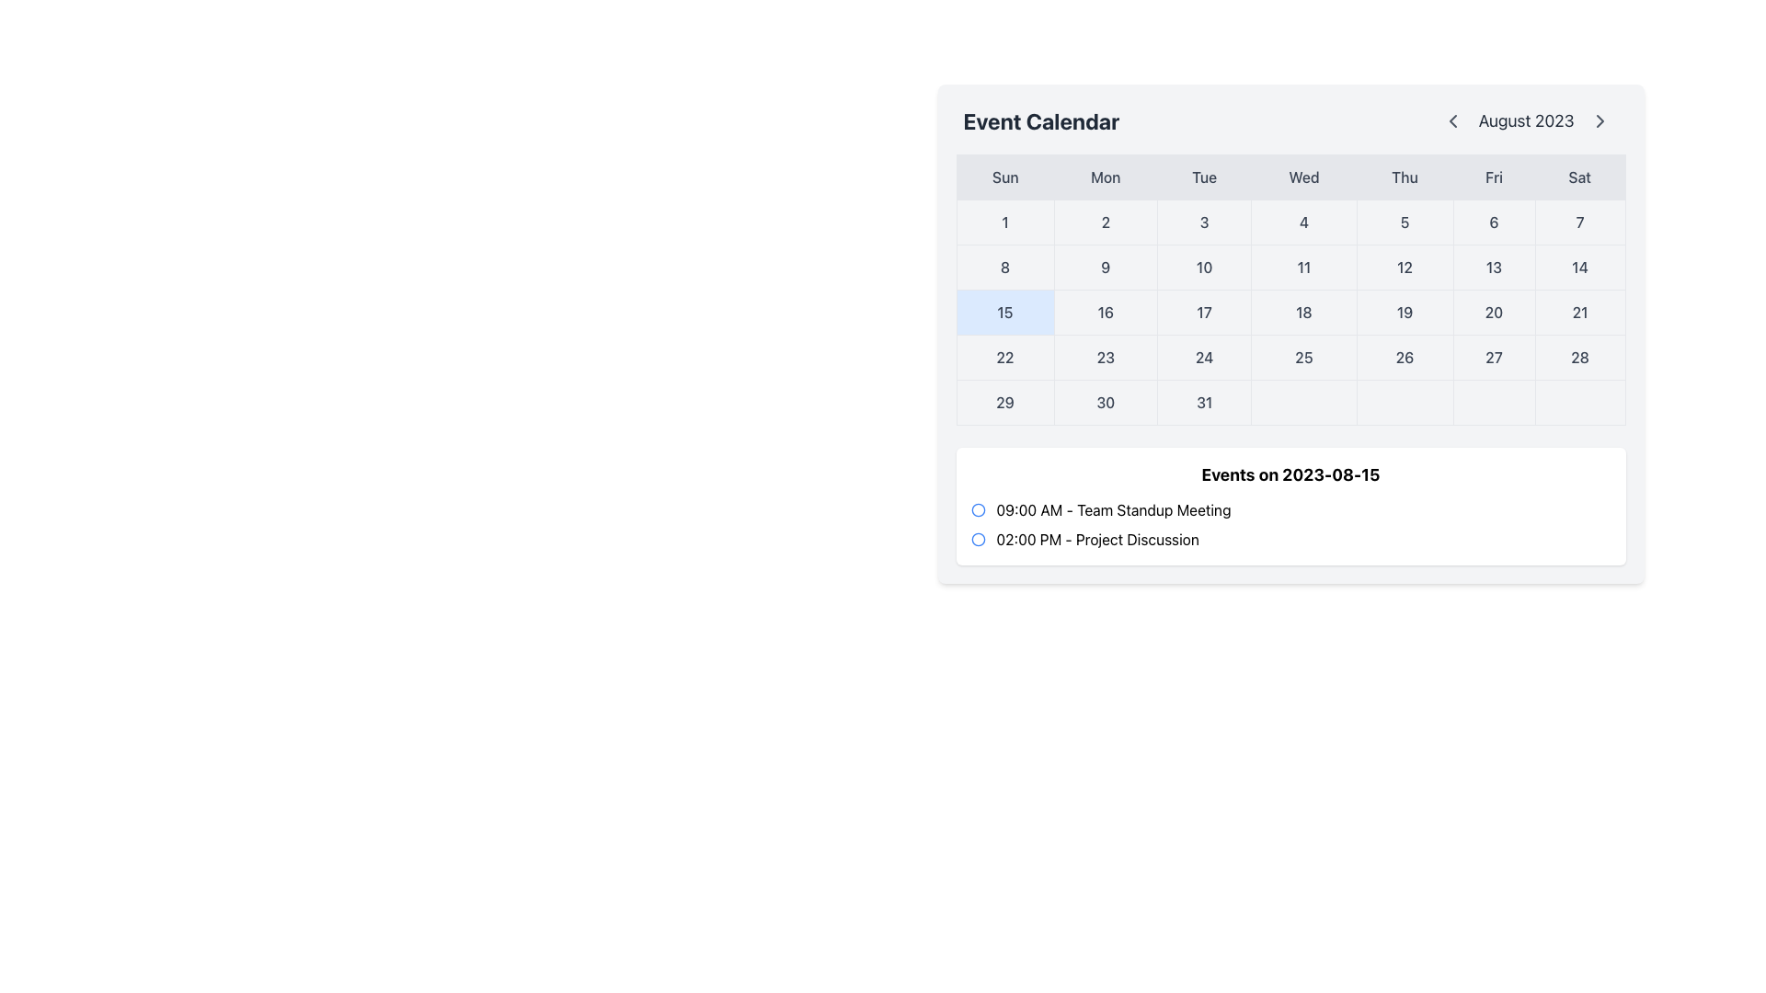 This screenshot has width=1766, height=993. What do you see at coordinates (1105, 358) in the screenshot?
I see `the grid cell containing the text '23'` at bounding box center [1105, 358].